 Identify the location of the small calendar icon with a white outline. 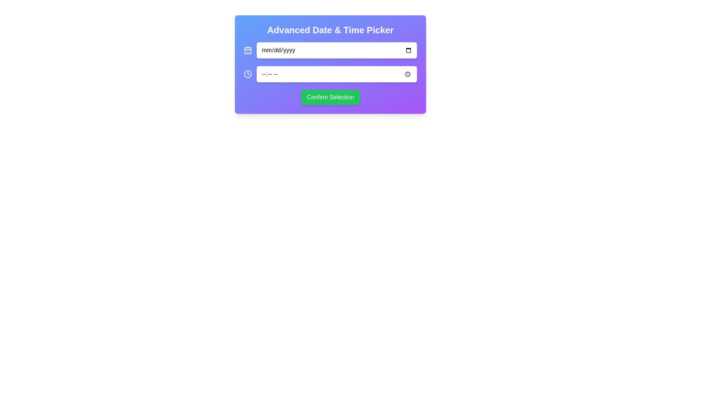
(248, 50).